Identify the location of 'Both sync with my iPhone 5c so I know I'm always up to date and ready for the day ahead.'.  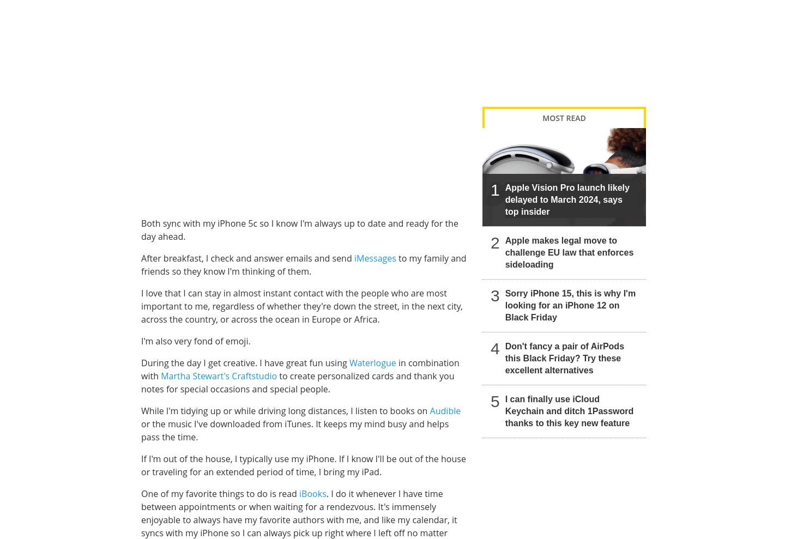
(141, 230).